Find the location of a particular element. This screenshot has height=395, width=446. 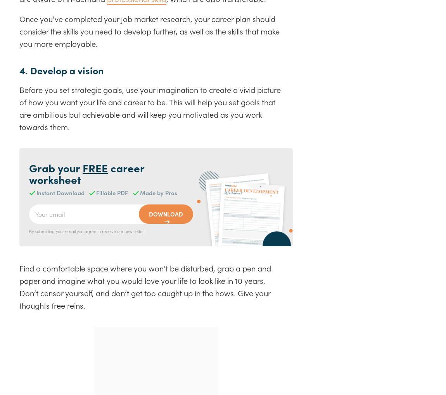

'Grab your' is located at coordinates (55, 167).